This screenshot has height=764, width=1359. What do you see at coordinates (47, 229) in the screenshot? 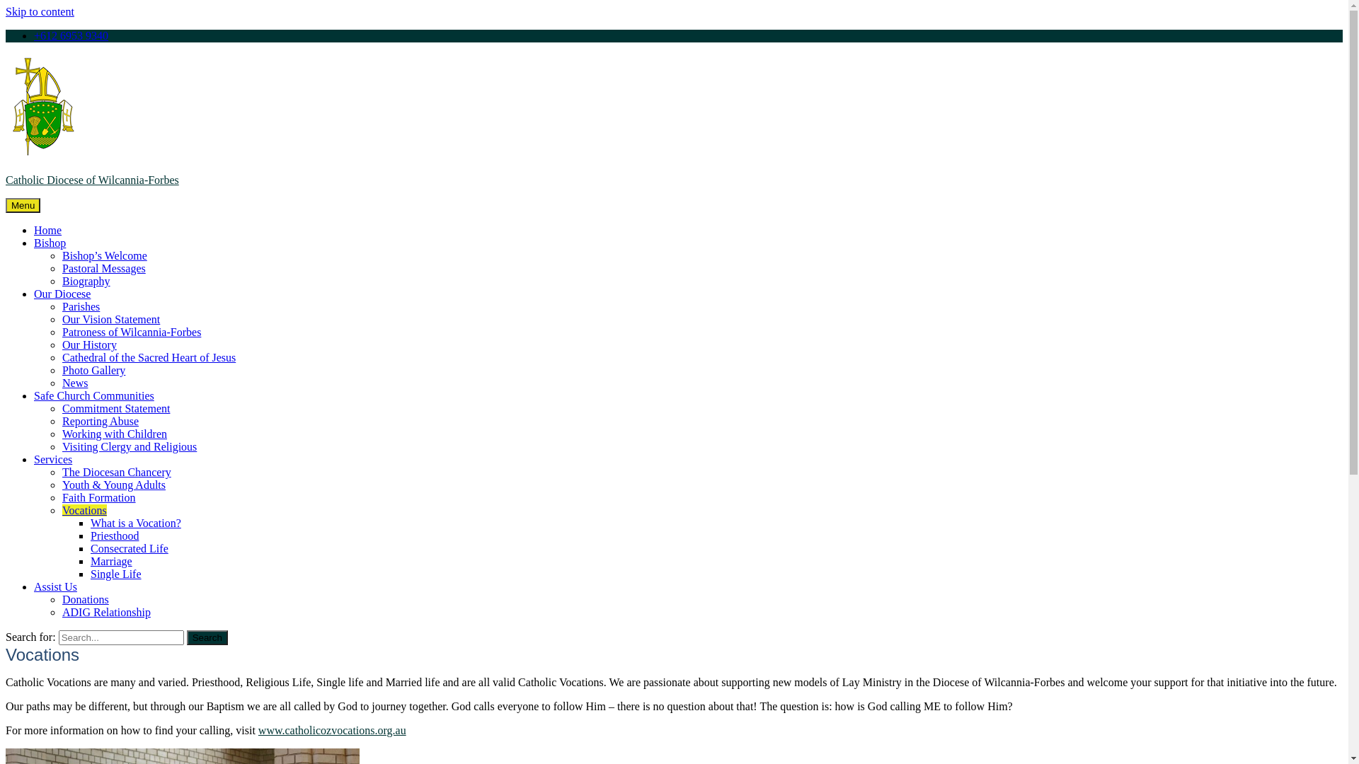
I see `'Home'` at bounding box center [47, 229].